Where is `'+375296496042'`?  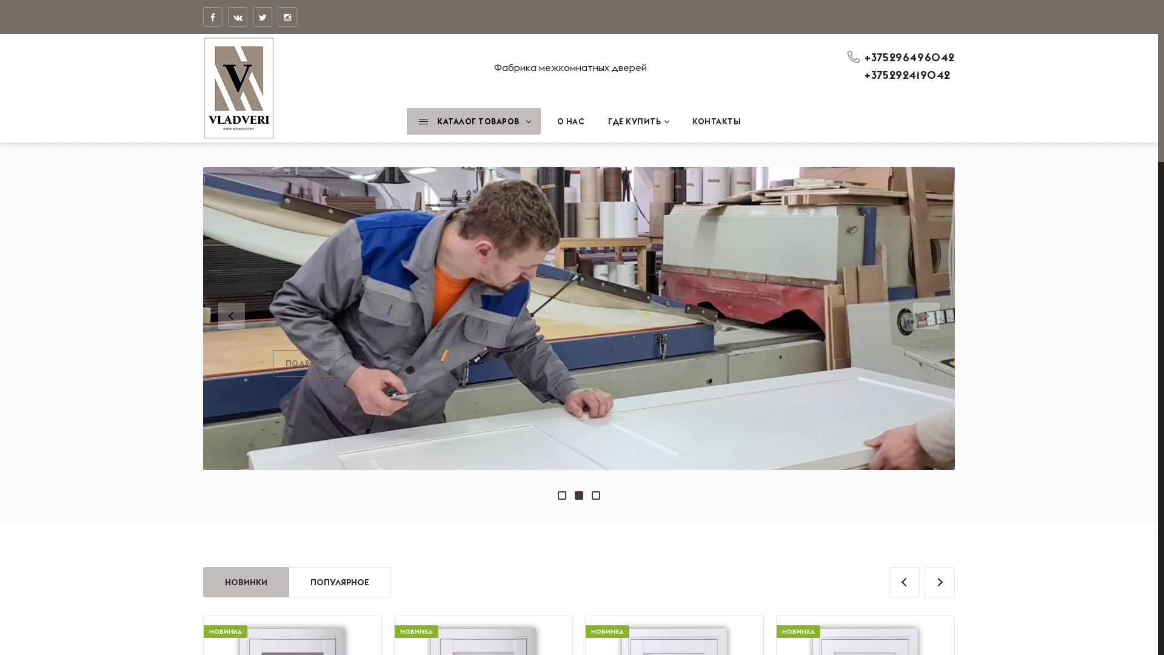
'+375296496042' is located at coordinates (909, 57).